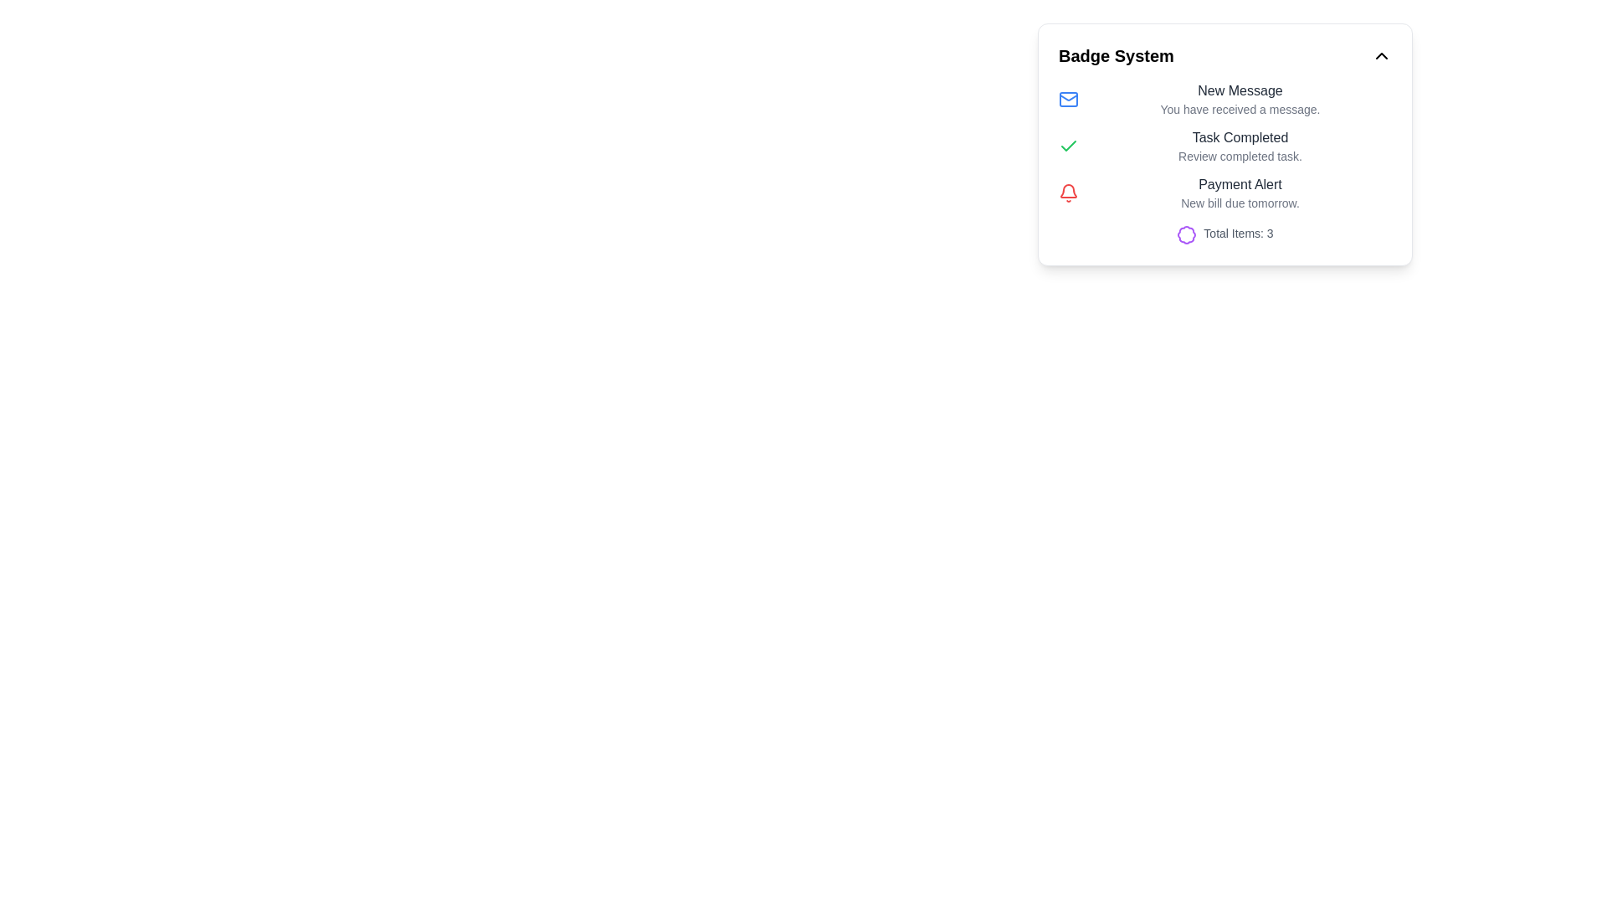  I want to click on purple badge icon located at the bottom left of the group containing the text 'Total Items: 3' by clicking on it, so click(1186, 235).